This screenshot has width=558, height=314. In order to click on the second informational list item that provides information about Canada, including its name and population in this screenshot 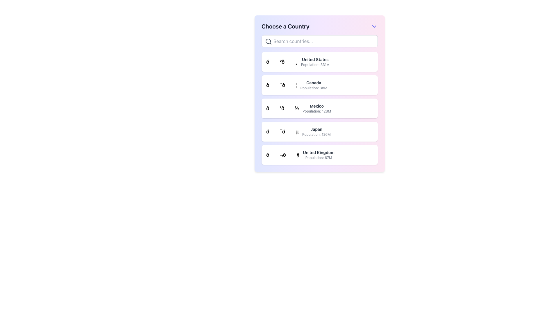, I will do `click(297, 85)`.